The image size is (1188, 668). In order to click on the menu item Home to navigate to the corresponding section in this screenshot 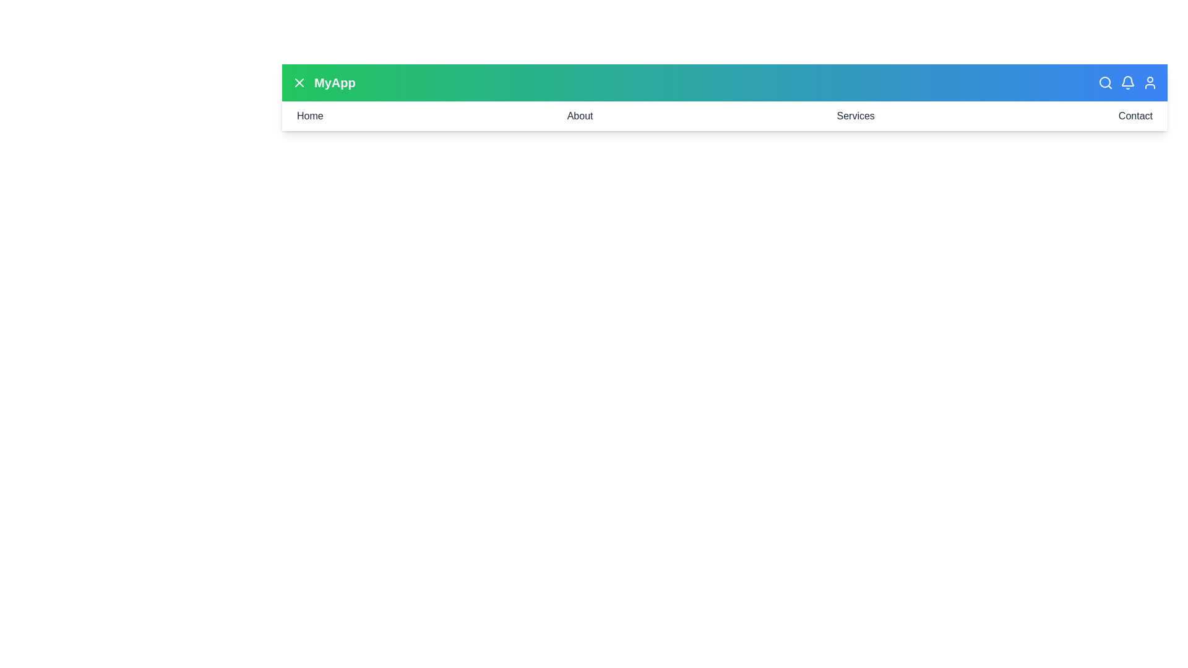, I will do `click(309, 116)`.